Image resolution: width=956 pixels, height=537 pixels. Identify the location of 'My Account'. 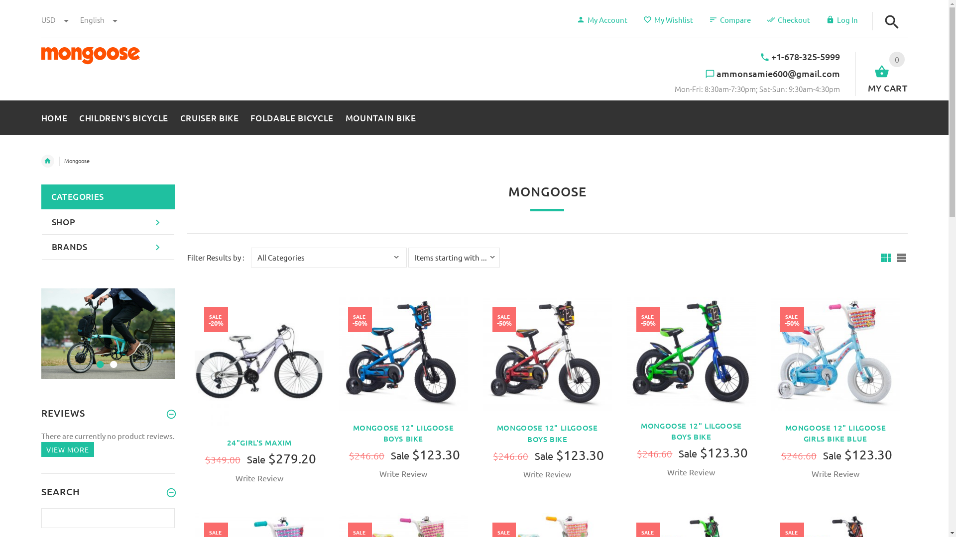
(601, 19).